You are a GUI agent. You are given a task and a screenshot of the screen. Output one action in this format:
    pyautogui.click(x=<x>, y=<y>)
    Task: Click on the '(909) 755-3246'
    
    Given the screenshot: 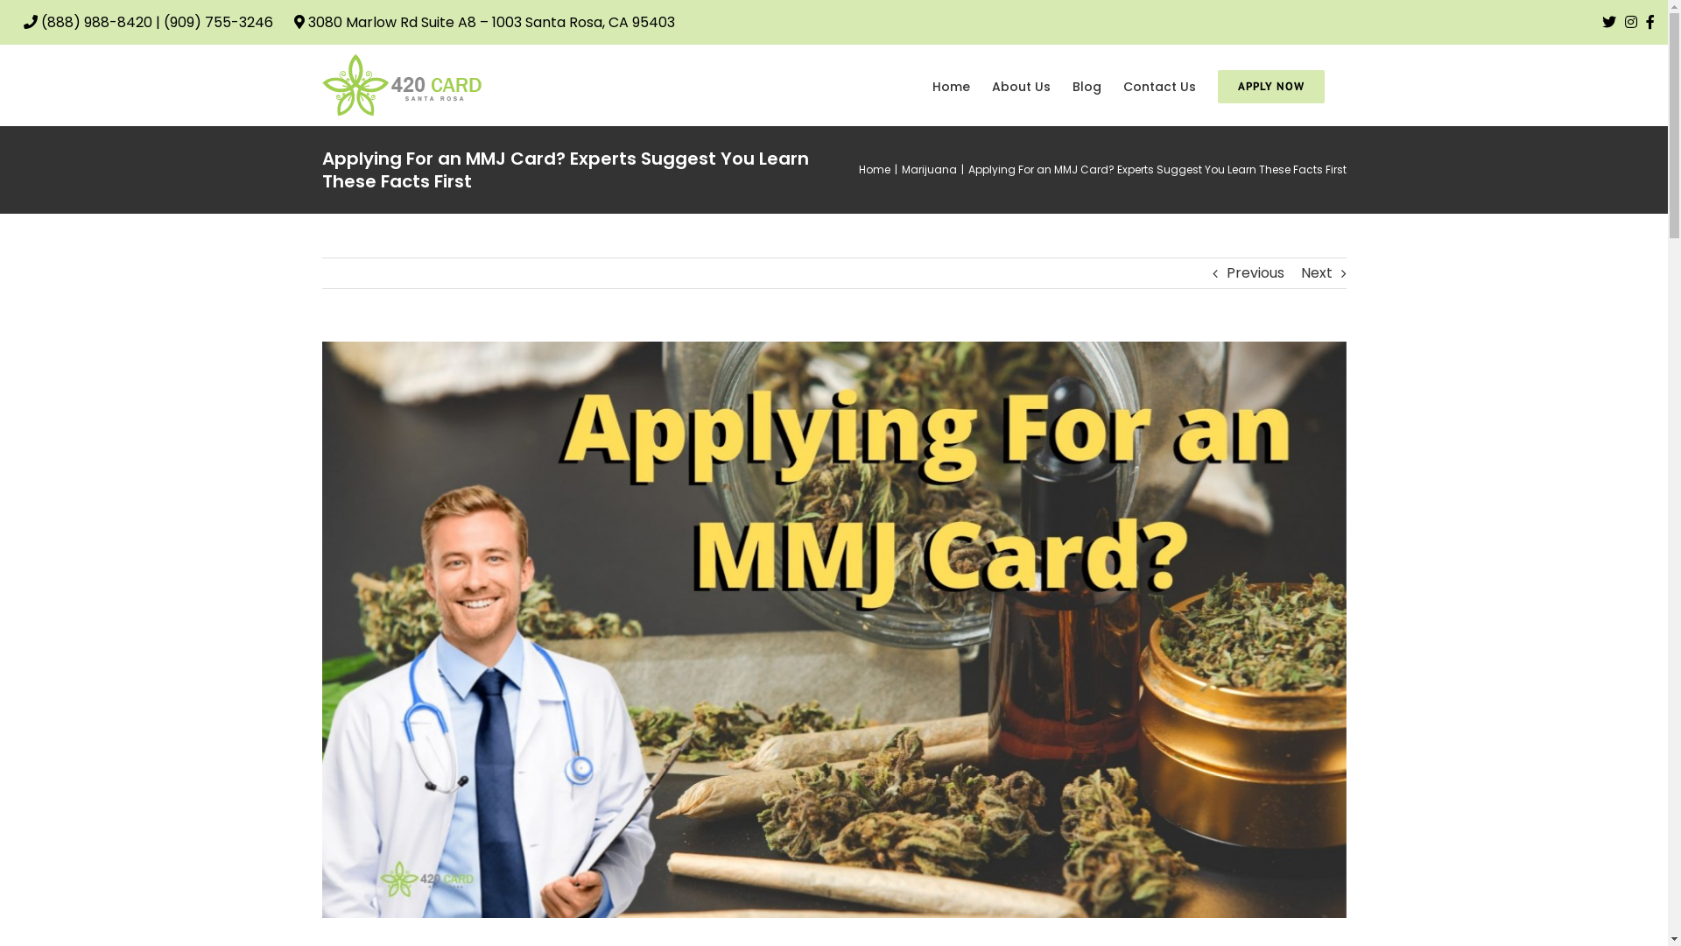 What is the action you would take?
    pyautogui.click(x=217, y=22)
    